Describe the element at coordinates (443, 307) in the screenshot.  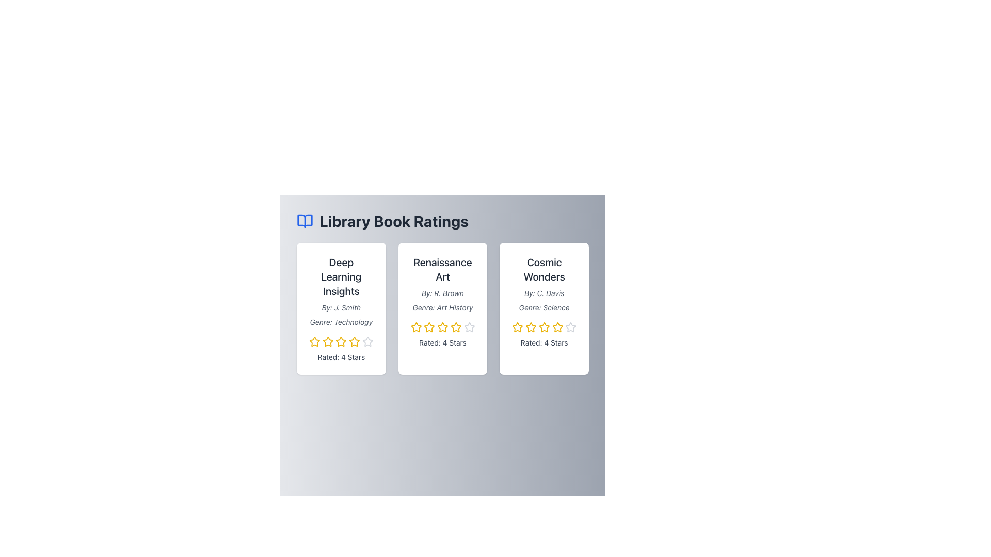
I see `the text label displaying 'Genre: Art History', which is the third text entry in the card about 'Renaissance Art'` at that location.